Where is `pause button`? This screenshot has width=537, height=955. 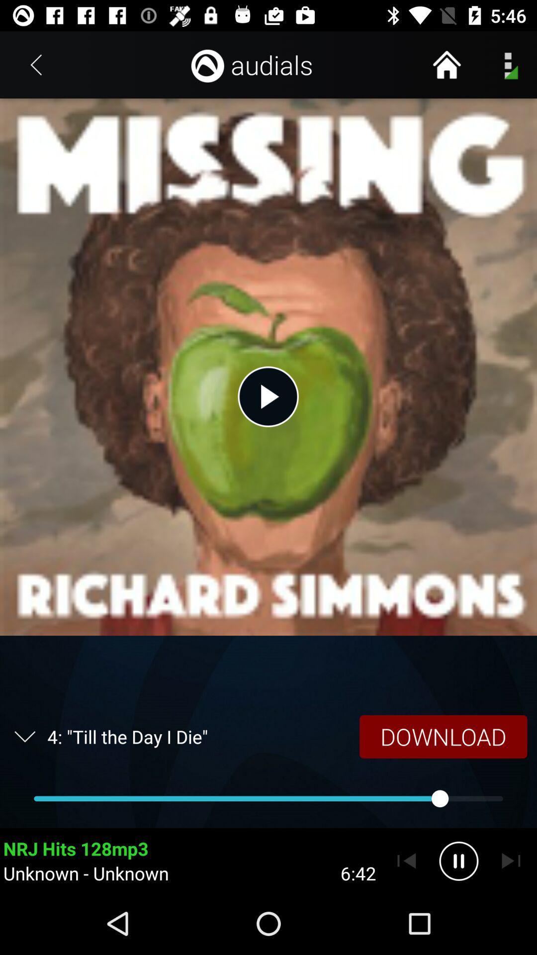
pause button is located at coordinates (458, 860).